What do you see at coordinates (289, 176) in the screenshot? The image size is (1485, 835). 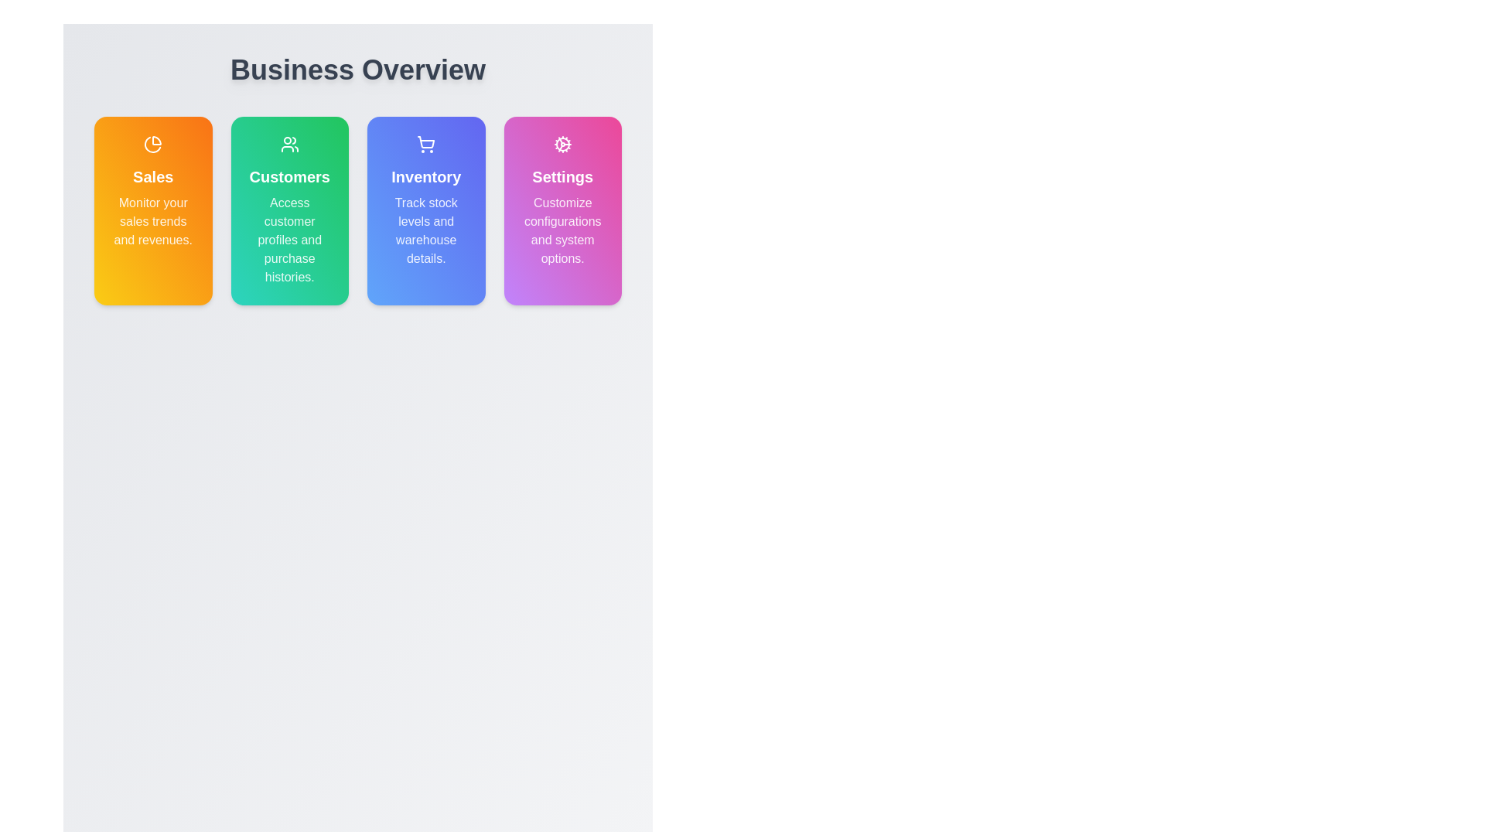 I see `'Customers' text label displayed in bold white font on a green background, which serves as the title of the second card in the 'Business Overview' section` at bounding box center [289, 176].